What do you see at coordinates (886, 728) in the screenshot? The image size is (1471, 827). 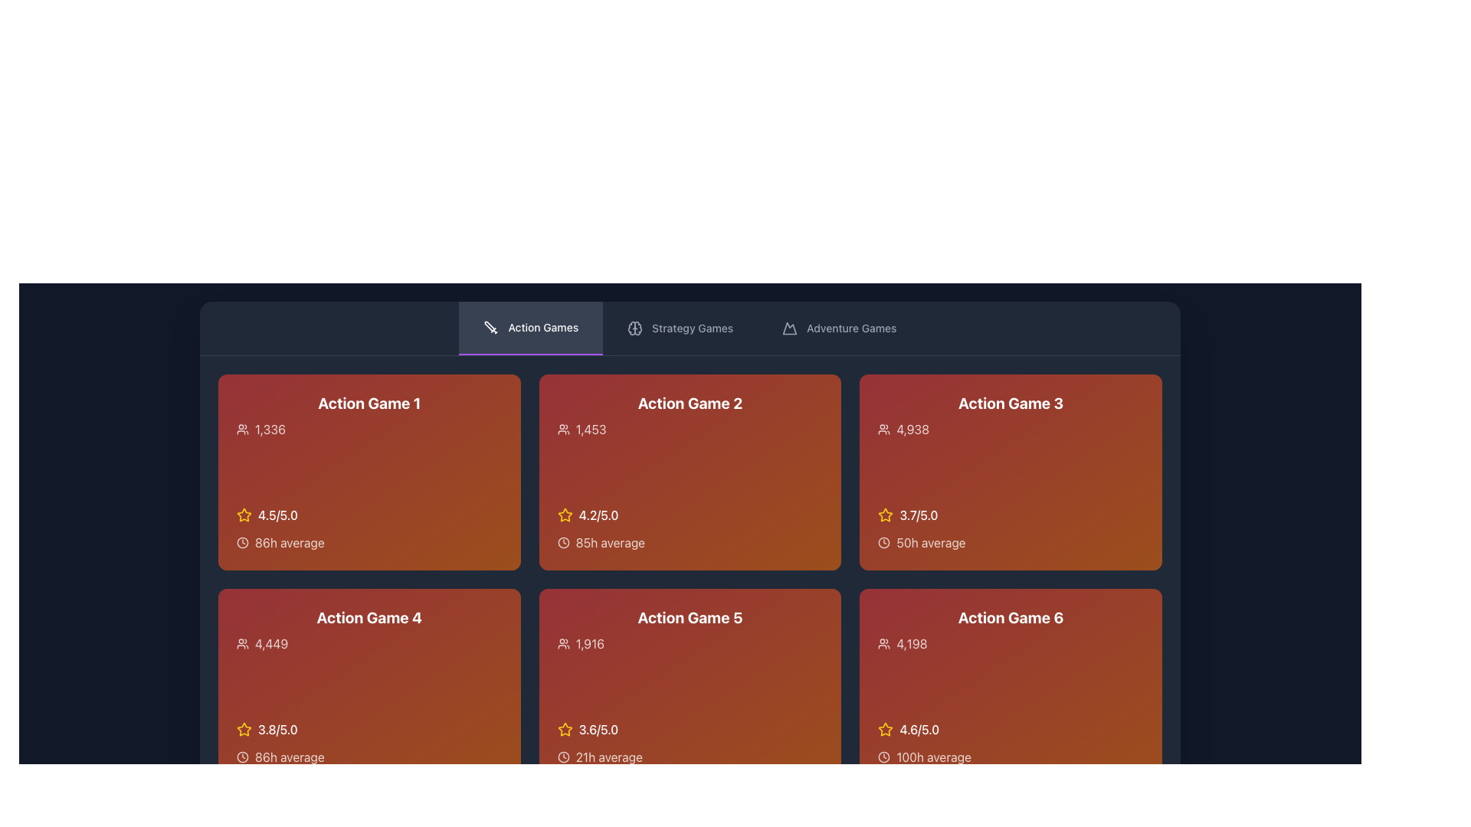 I see `the rating icon representing the quality or popularity of the 'Action Game 6' card, located in the bottom-right position of the grid` at bounding box center [886, 728].